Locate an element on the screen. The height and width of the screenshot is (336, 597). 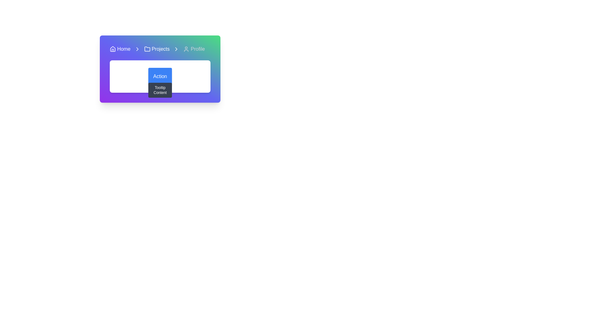
the chevron arrow icon located to the right of the 'Projects' text in the breadcrumb navigation bar is located at coordinates (176, 49).